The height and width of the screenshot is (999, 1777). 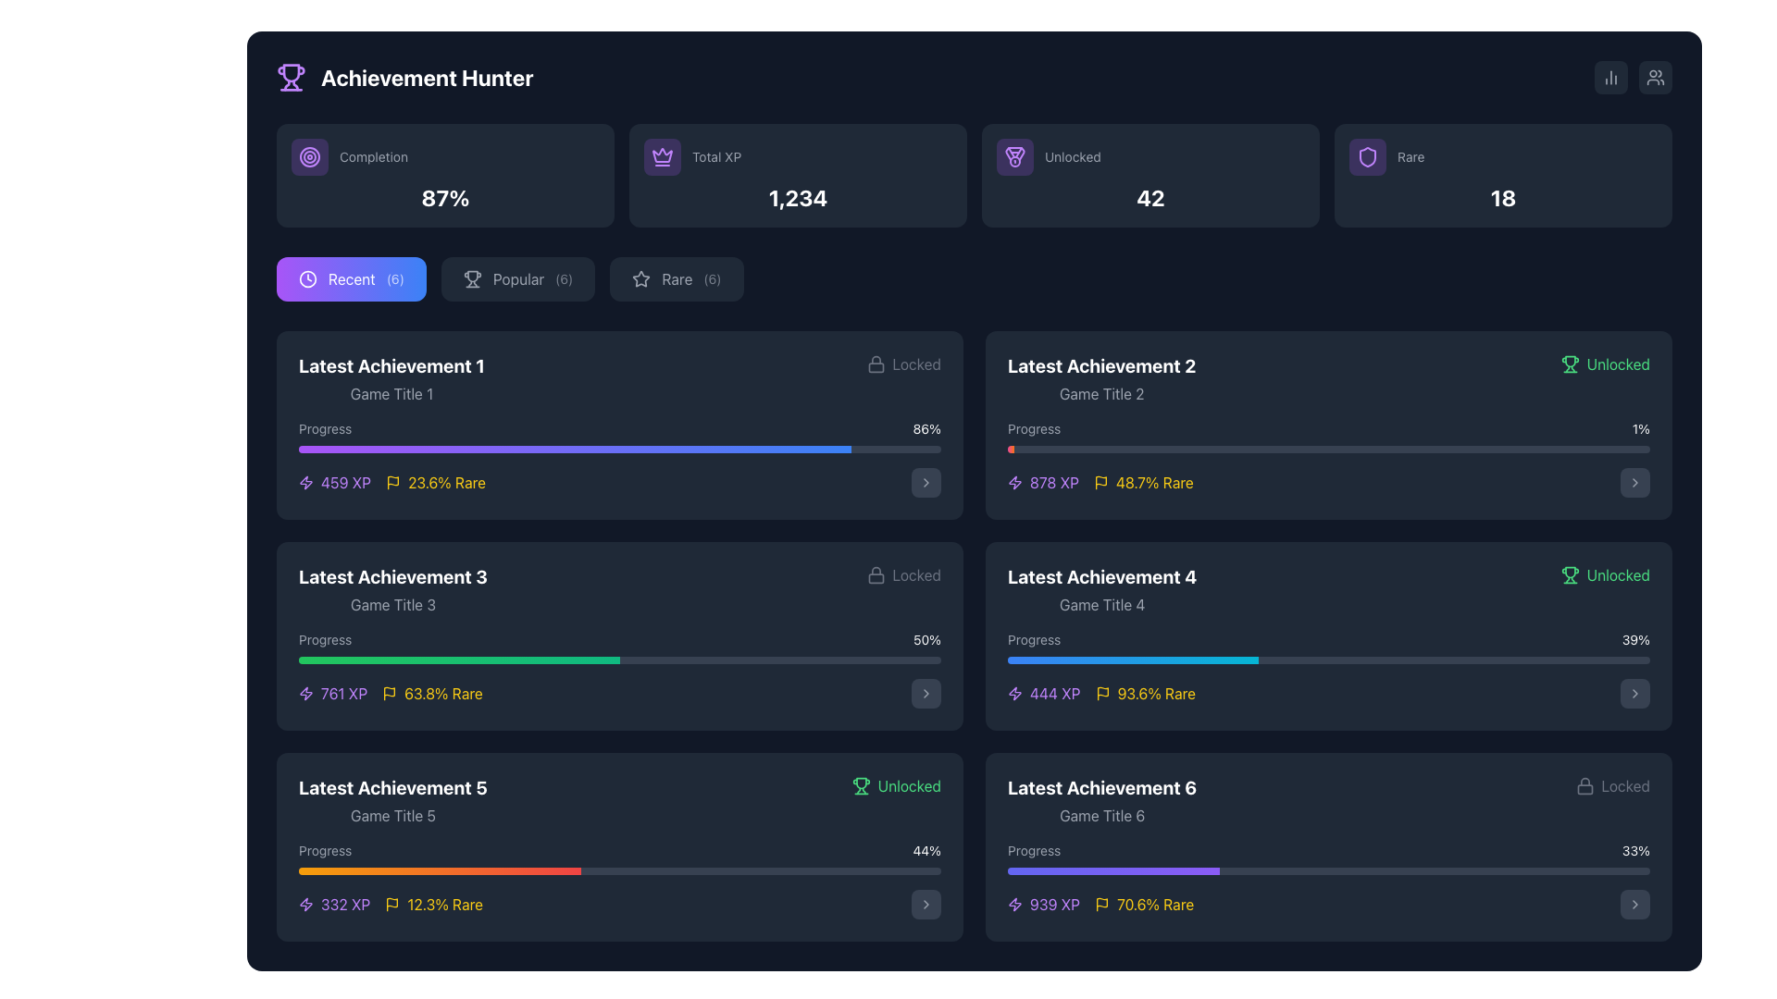 What do you see at coordinates (391, 576) in the screenshot?
I see `the text label indicating 'Latest Achievement 3', which serves as a title for the achievement category, located above 'Game Title 3'` at bounding box center [391, 576].